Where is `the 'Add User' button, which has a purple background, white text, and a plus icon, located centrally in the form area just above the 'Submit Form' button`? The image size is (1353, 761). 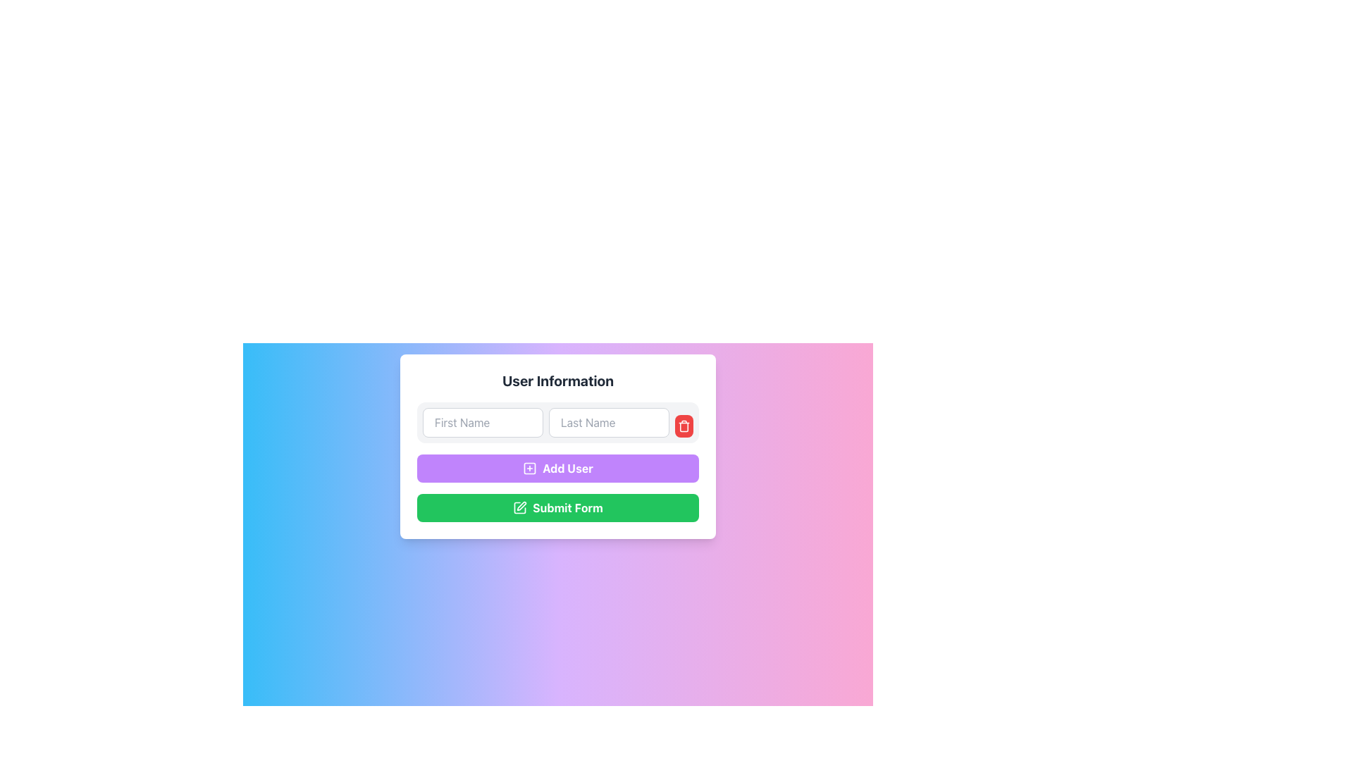
the 'Add User' button, which has a purple background, white text, and a plus icon, located centrally in the form area just above the 'Submit Form' button is located at coordinates (557, 468).